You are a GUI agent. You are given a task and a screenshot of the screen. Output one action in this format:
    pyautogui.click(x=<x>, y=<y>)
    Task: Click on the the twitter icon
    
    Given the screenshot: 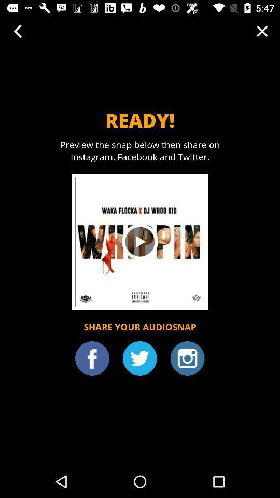 What is the action you would take?
    pyautogui.click(x=139, y=358)
    